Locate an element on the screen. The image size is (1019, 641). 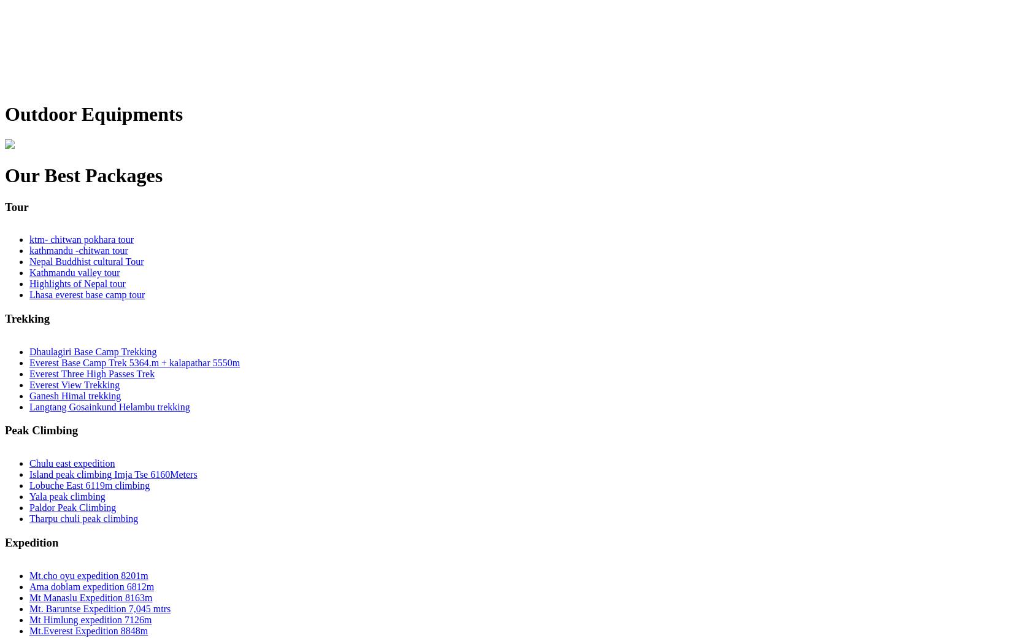
'Nepal Buddhist cultural Tour' is located at coordinates (29, 261).